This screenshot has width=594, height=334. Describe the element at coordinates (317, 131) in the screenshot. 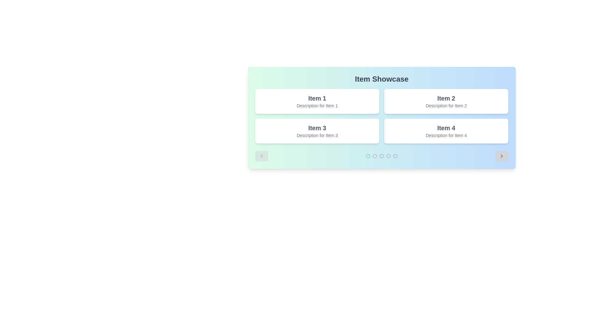

I see `the display card titled 'Item 3', which has a white background, a bold gray title, and a smaller gray subtitle, positioned in the second row of a grid layout` at that location.